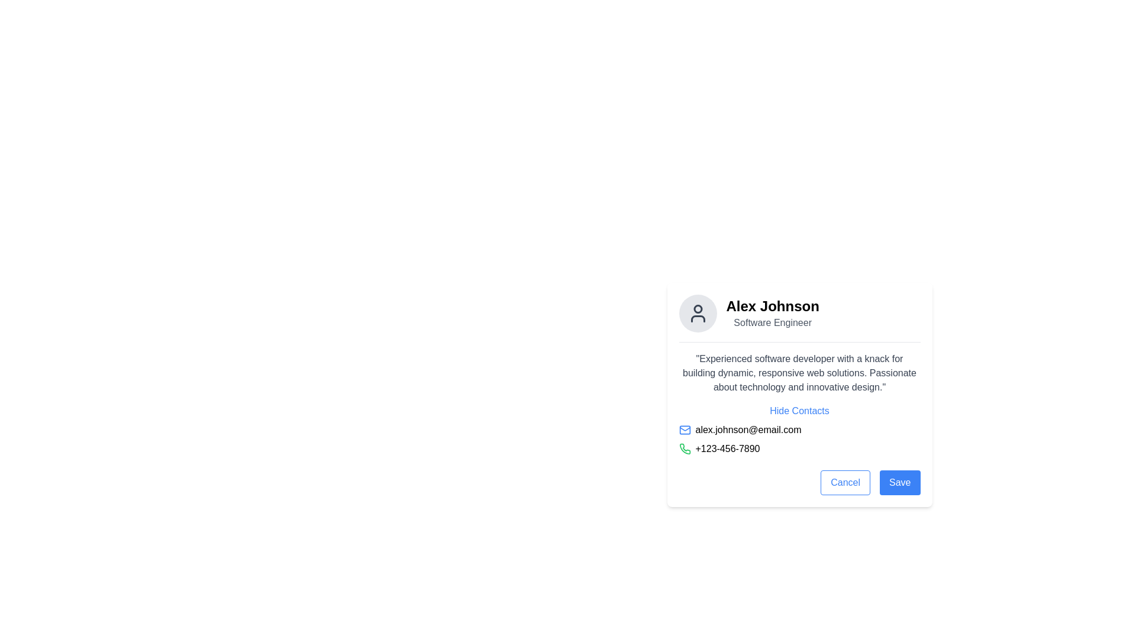 The width and height of the screenshot is (1136, 639). I want to click on the text label describing the role or occupation associated with Alex Johnson, located immediately below the 'Alex Johnson' header in the profile card, so click(773, 323).